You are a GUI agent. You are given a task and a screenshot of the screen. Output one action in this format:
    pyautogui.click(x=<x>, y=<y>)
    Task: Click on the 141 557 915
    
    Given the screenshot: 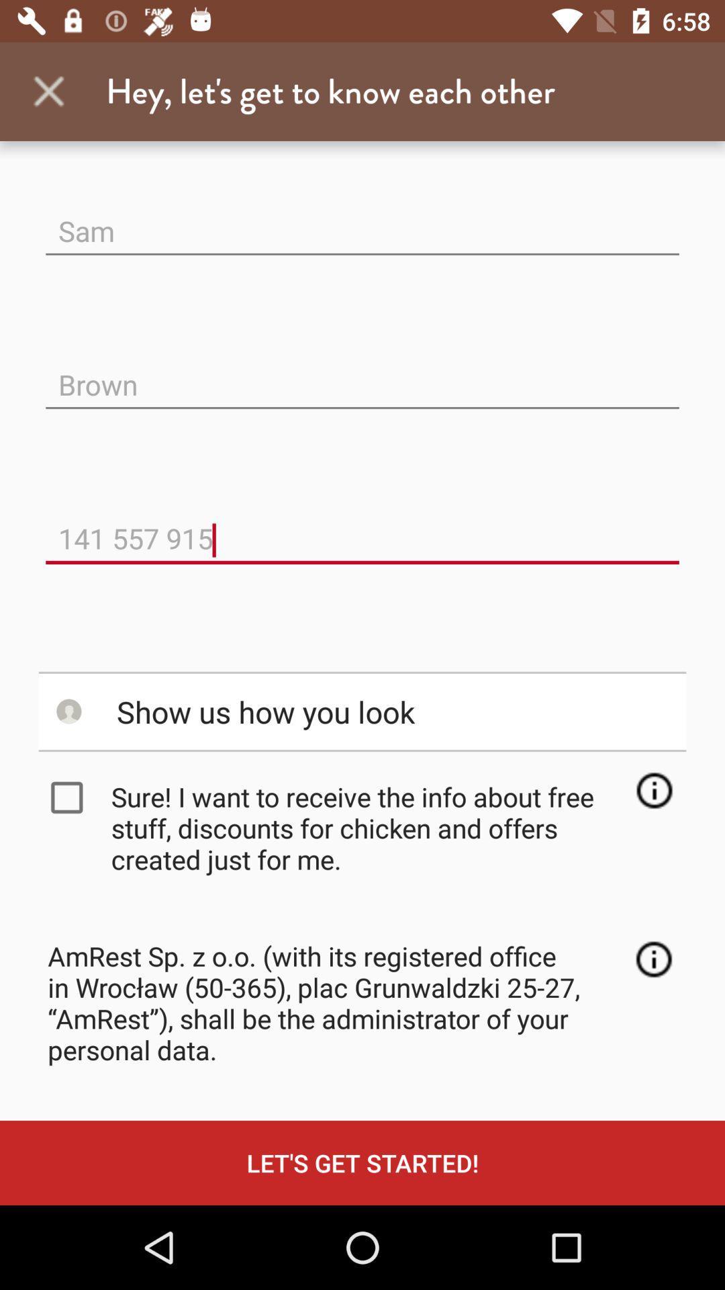 What is the action you would take?
    pyautogui.click(x=362, y=527)
    